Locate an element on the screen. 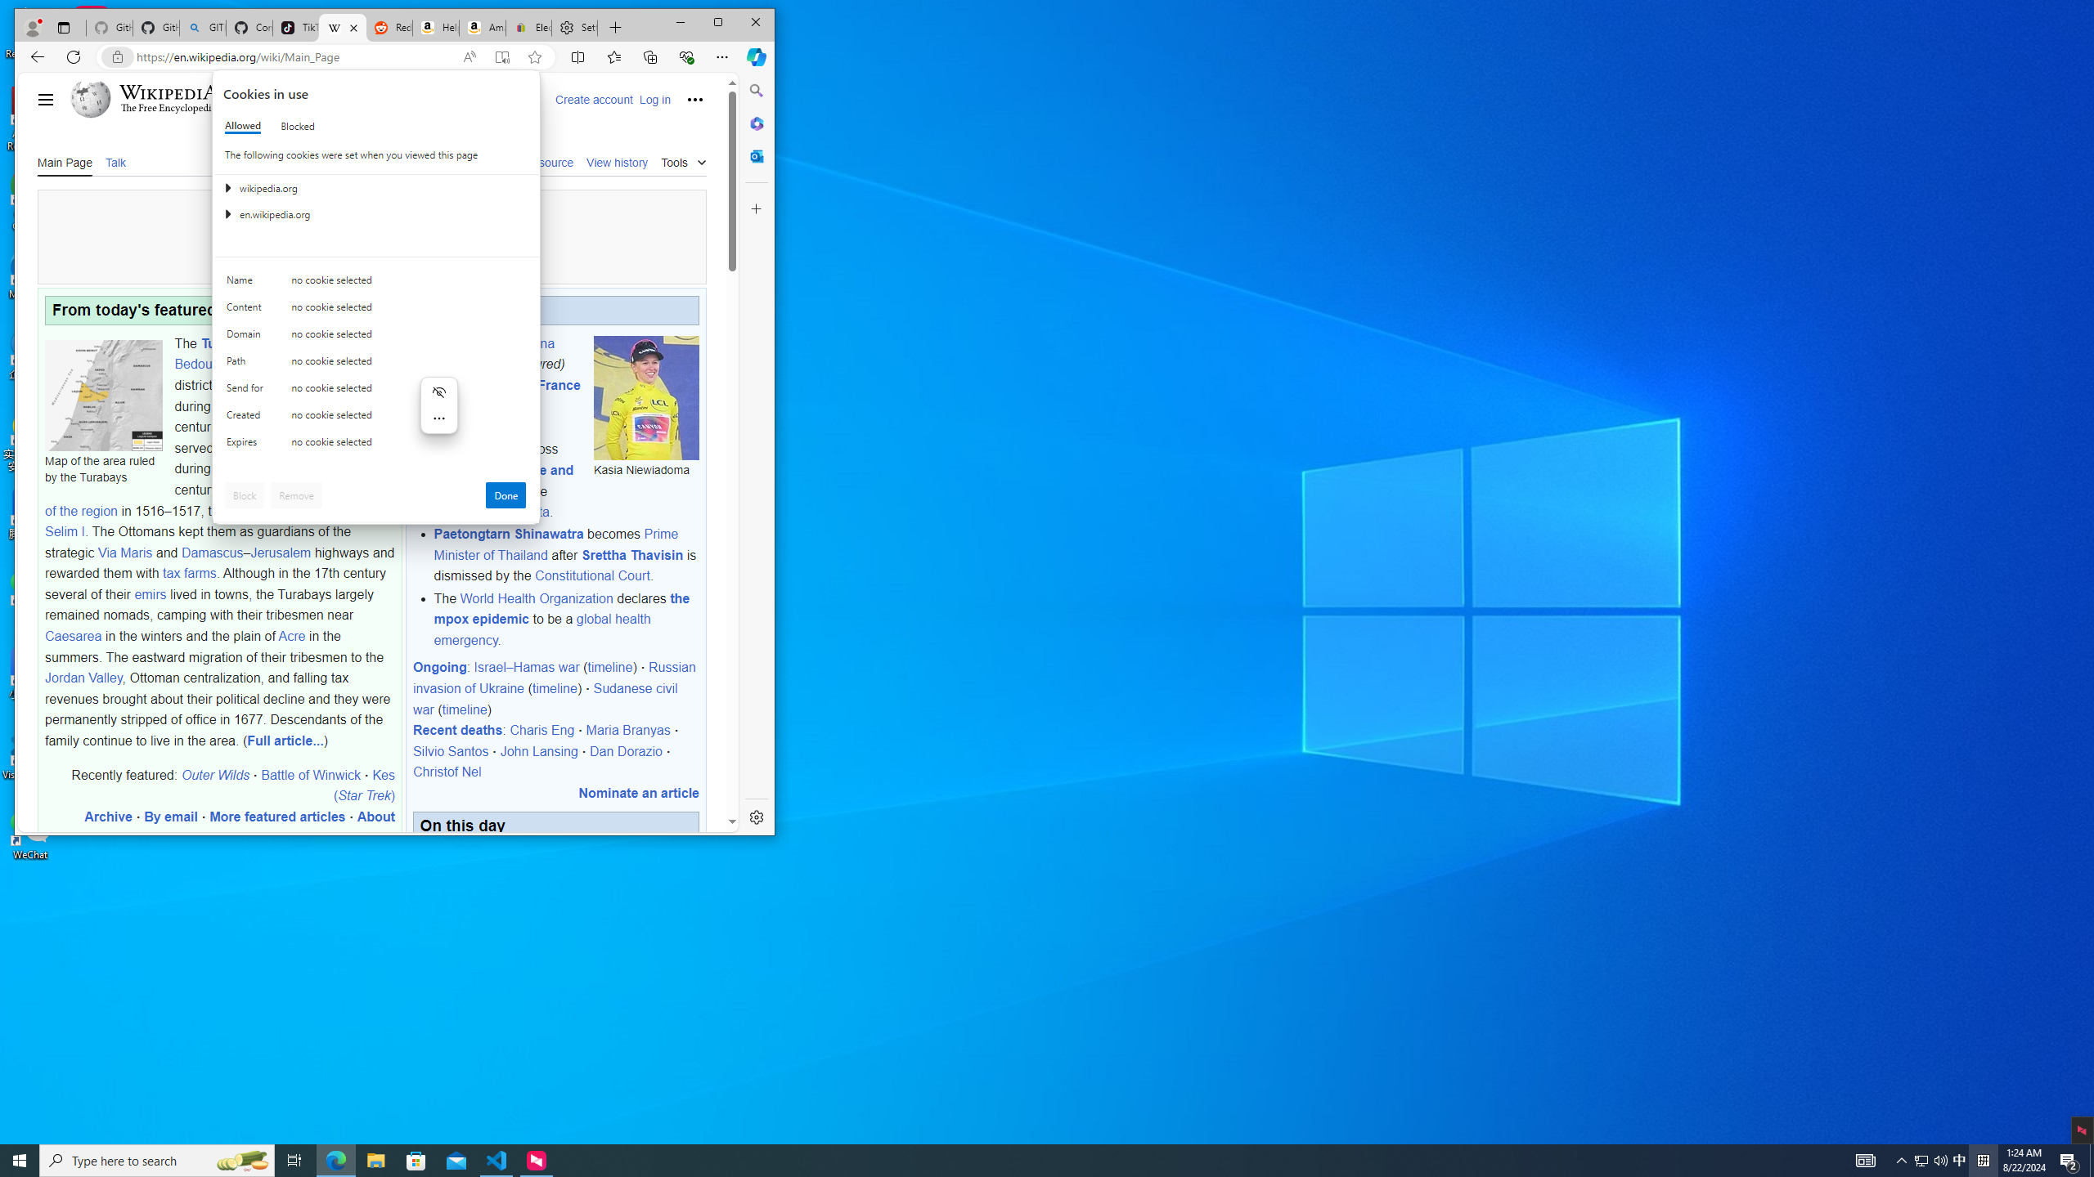 The width and height of the screenshot is (2094, 1177). 'Start' is located at coordinates (20, 1159).